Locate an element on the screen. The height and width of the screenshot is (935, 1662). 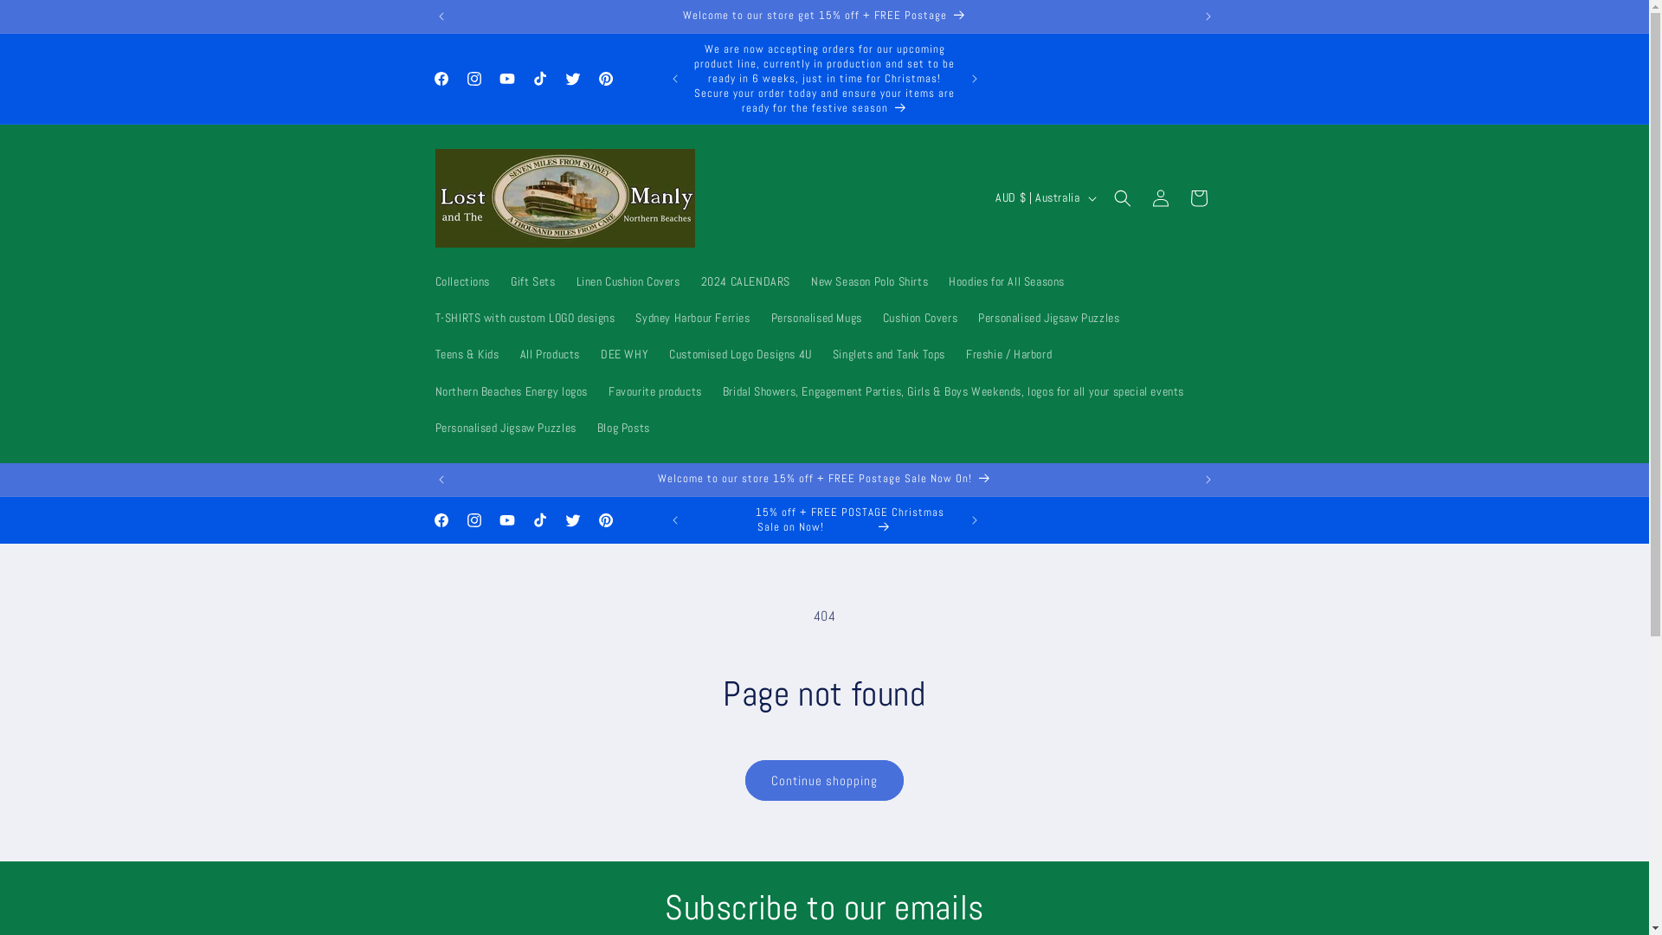
'Cushion Covers' is located at coordinates (918, 317).